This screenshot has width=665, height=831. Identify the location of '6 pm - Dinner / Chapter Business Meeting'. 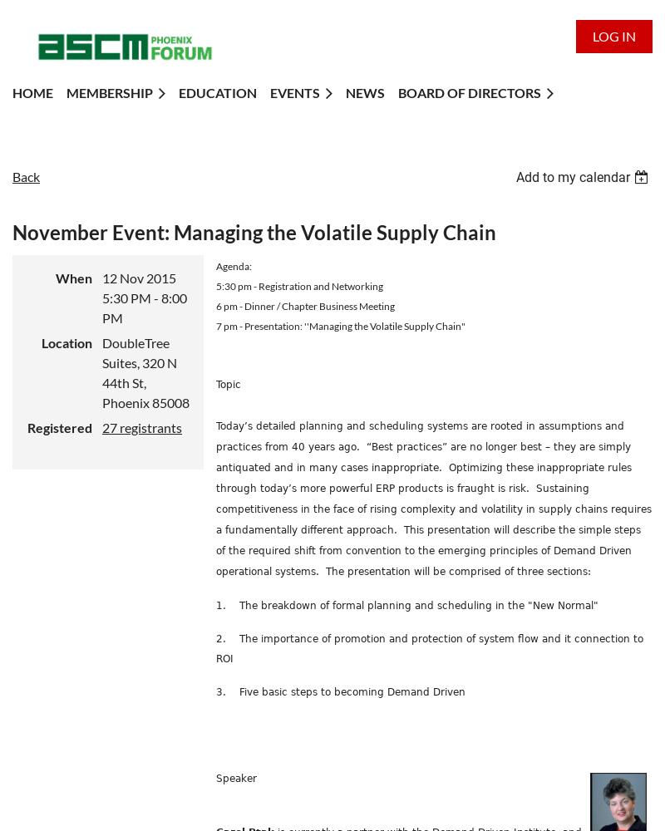
(305, 304).